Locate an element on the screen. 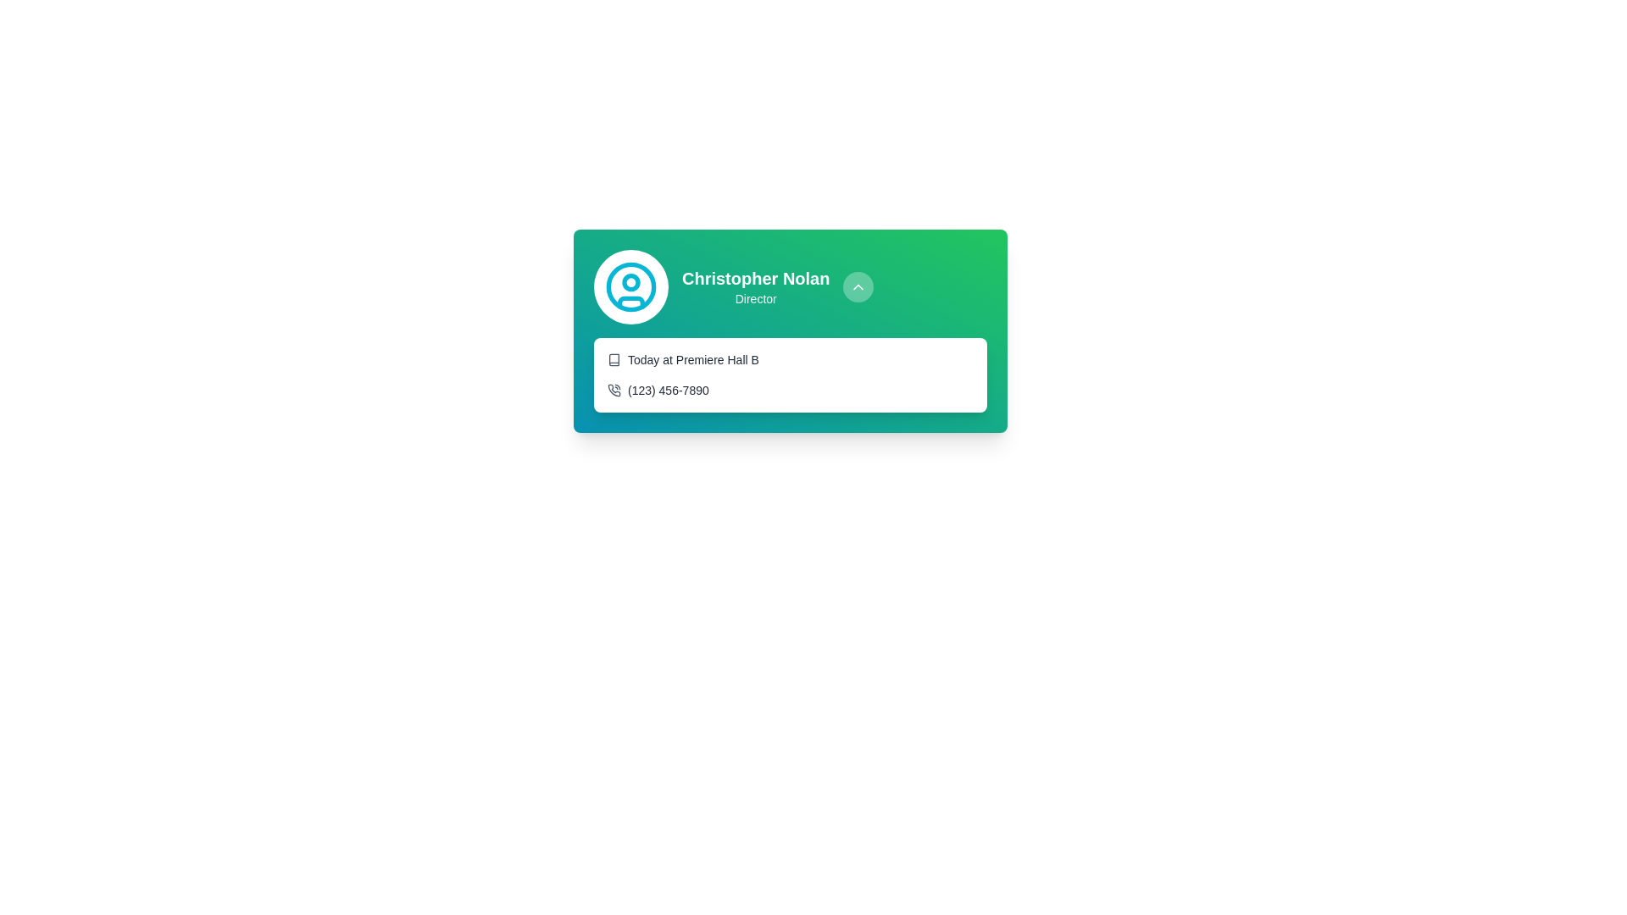 The width and height of the screenshot is (1627, 915). the phone icon located to the left of the phone number '(123) 456-7890' for any interactive functionality if available is located at coordinates (613, 391).